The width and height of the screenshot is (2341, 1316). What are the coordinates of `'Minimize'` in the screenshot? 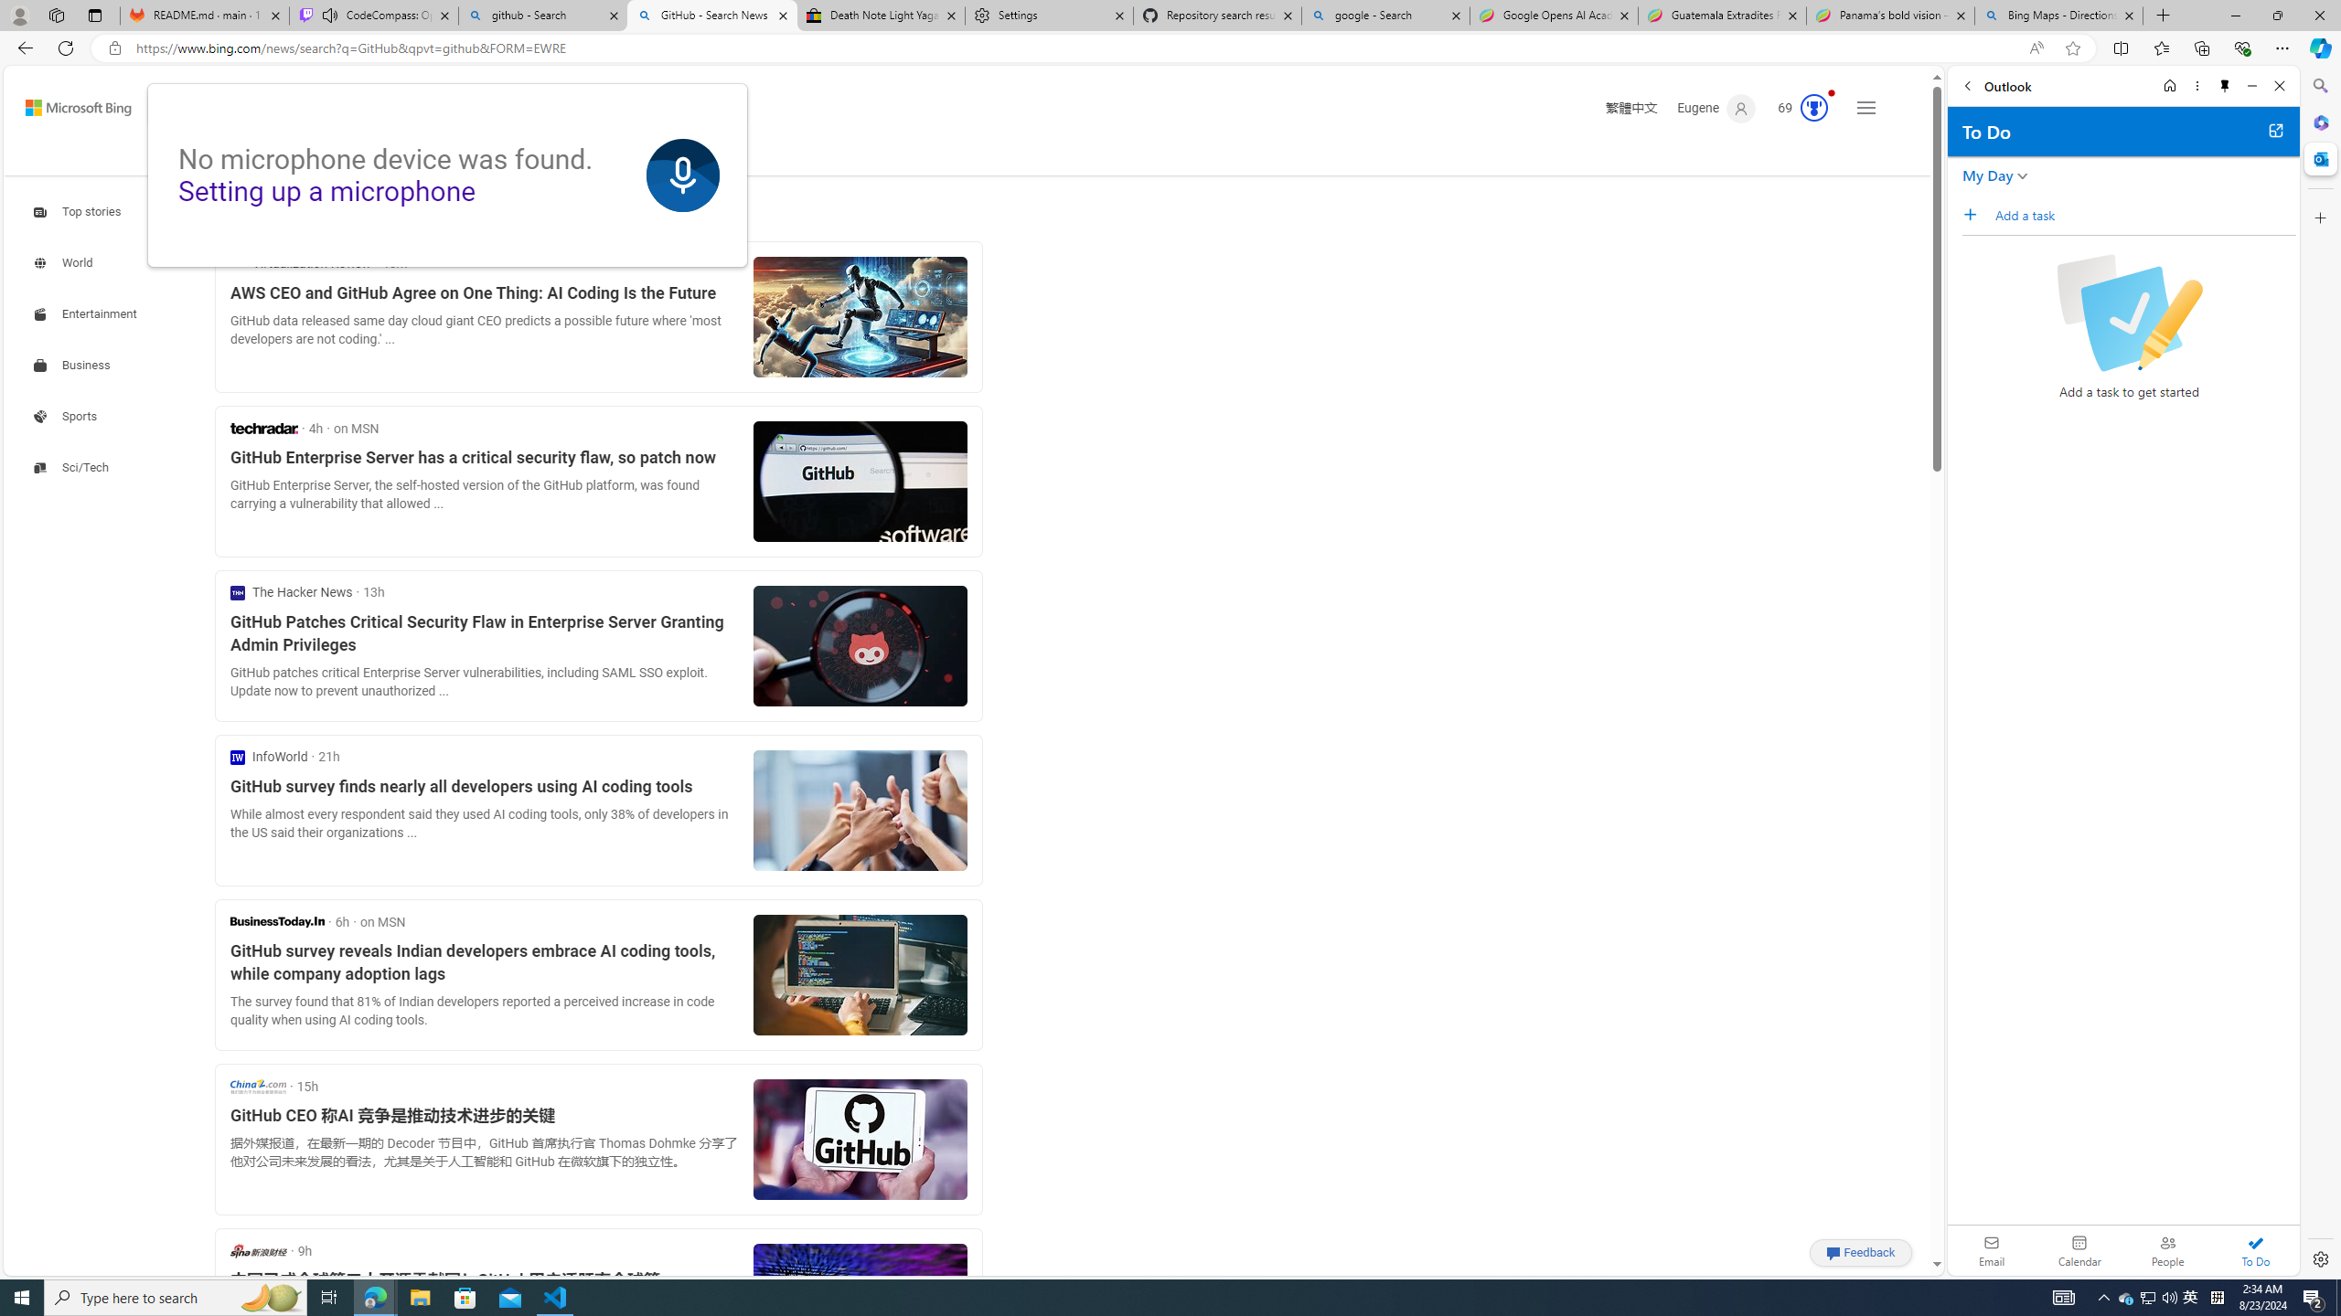 It's located at (2252, 85).